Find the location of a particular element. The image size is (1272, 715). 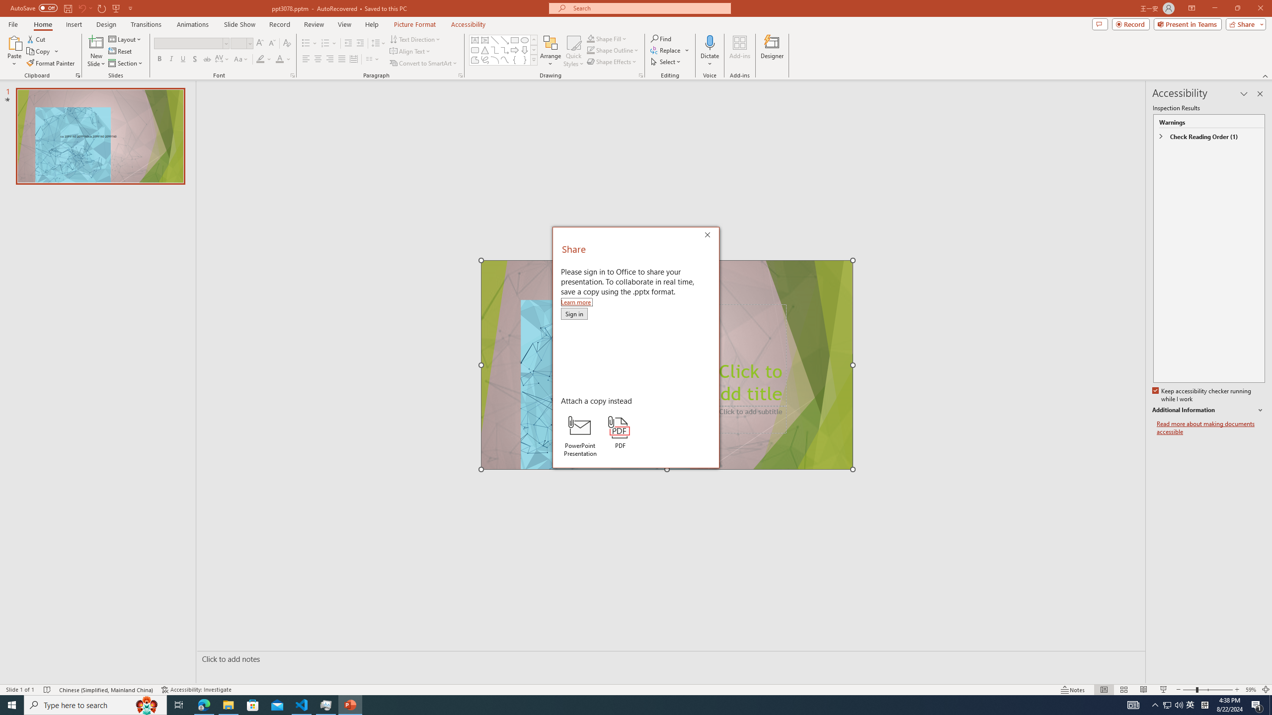

'File Explorer - 1 running window' is located at coordinates (228, 704).